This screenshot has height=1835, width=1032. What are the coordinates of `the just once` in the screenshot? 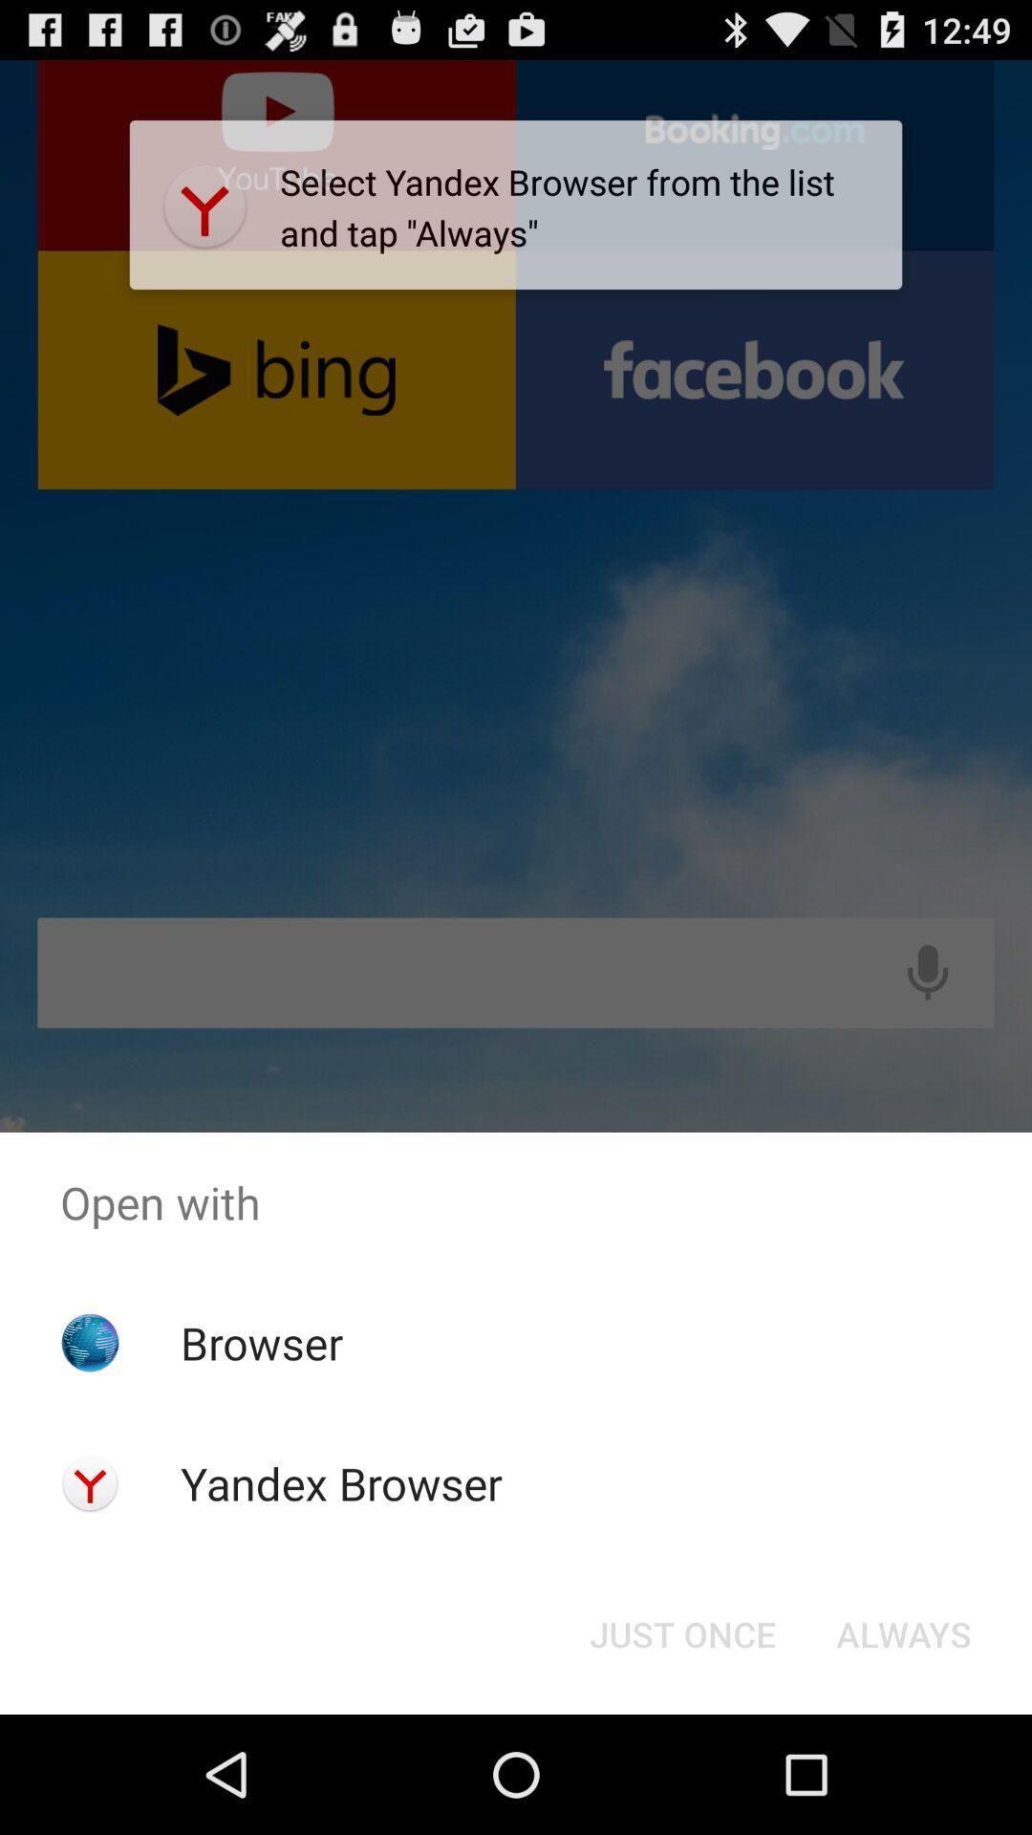 It's located at (681, 1632).